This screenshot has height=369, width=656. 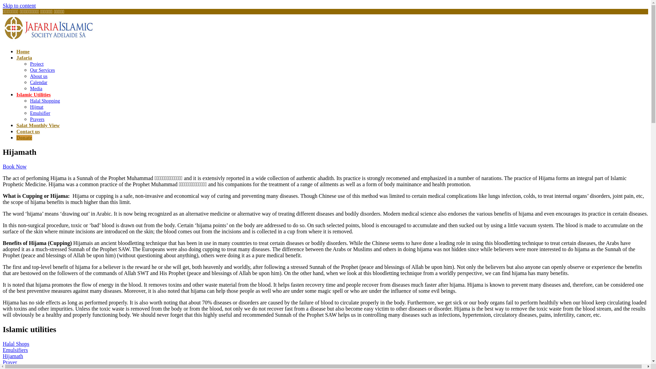 What do you see at coordinates (13, 356) in the screenshot?
I see `'Hijamath'` at bounding box center [13, 356].